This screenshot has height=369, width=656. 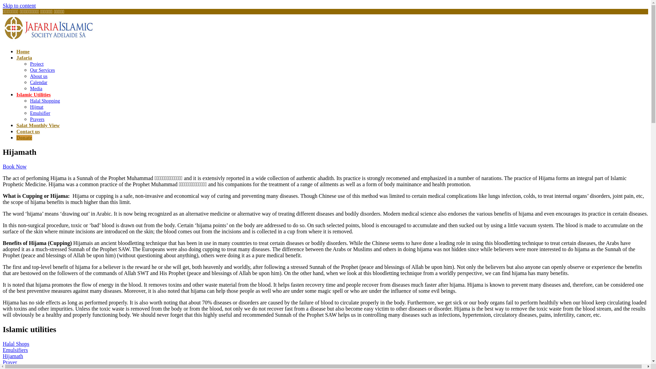 What do you see at coordinates (13, 356) in the screenshot?
I see `'Hijamath'` at bounding box center [13, 356].